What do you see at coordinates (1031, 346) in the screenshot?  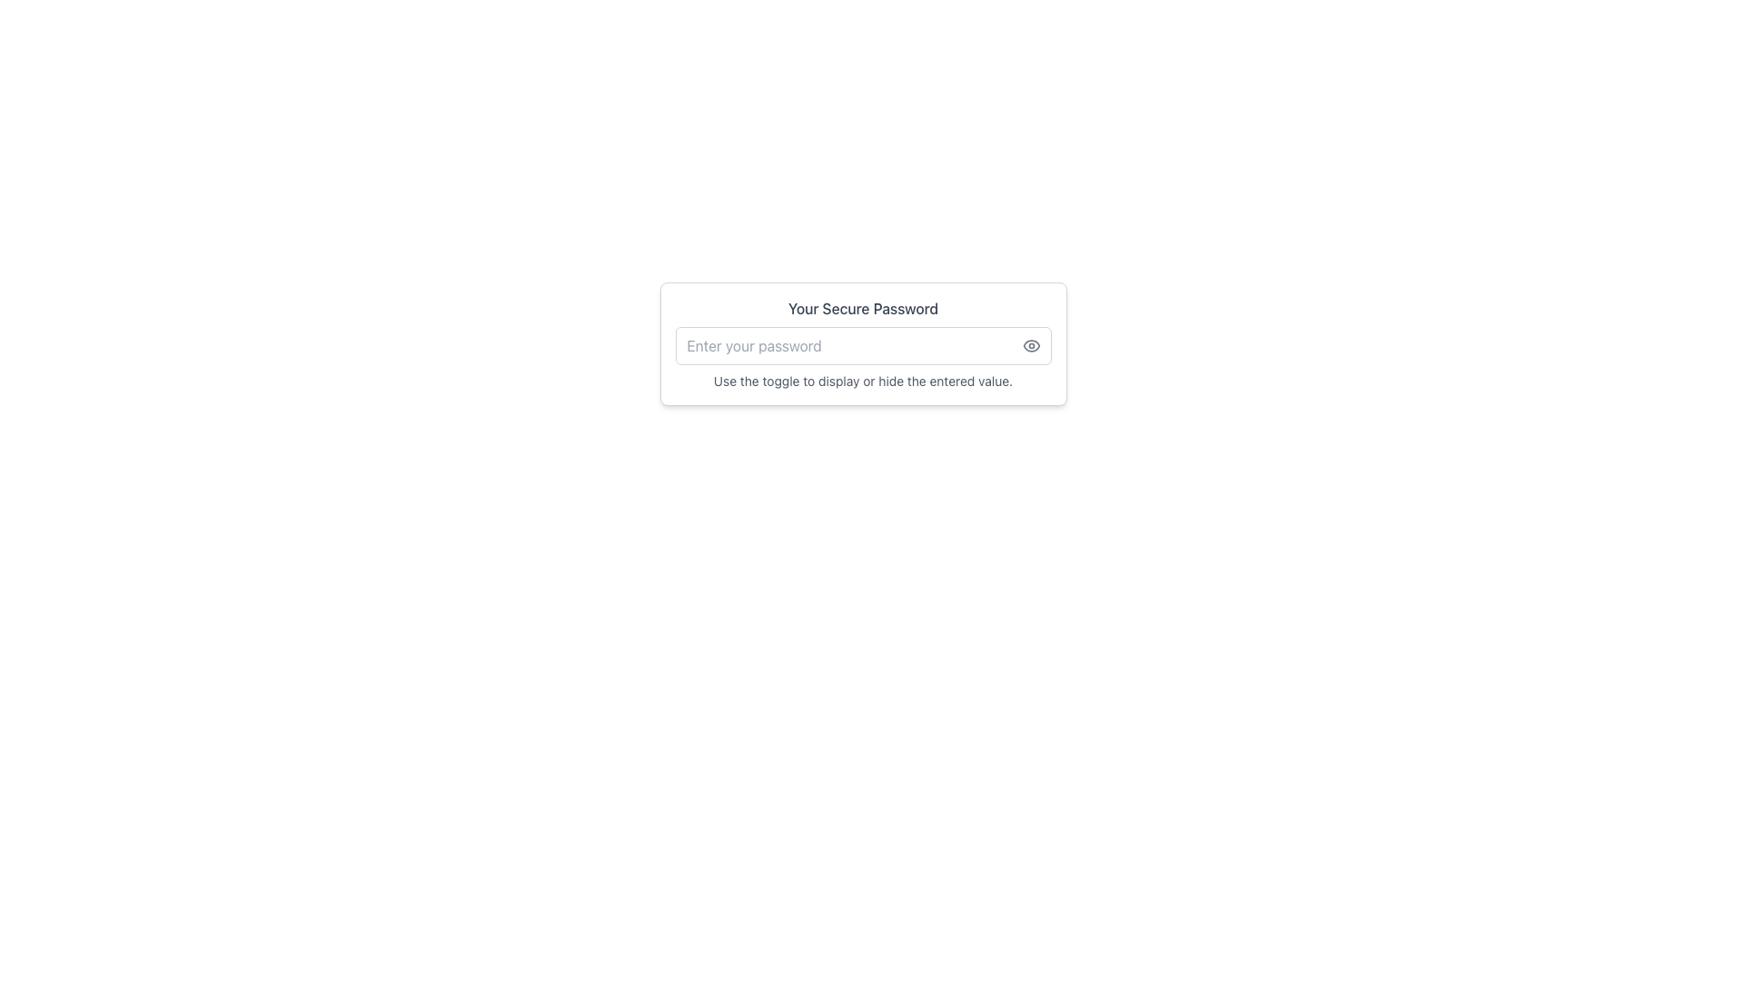 I see `the eye-shaped visibility toggle button located at the far right of the password input field to change its color` at bounding box center [1031, 346].